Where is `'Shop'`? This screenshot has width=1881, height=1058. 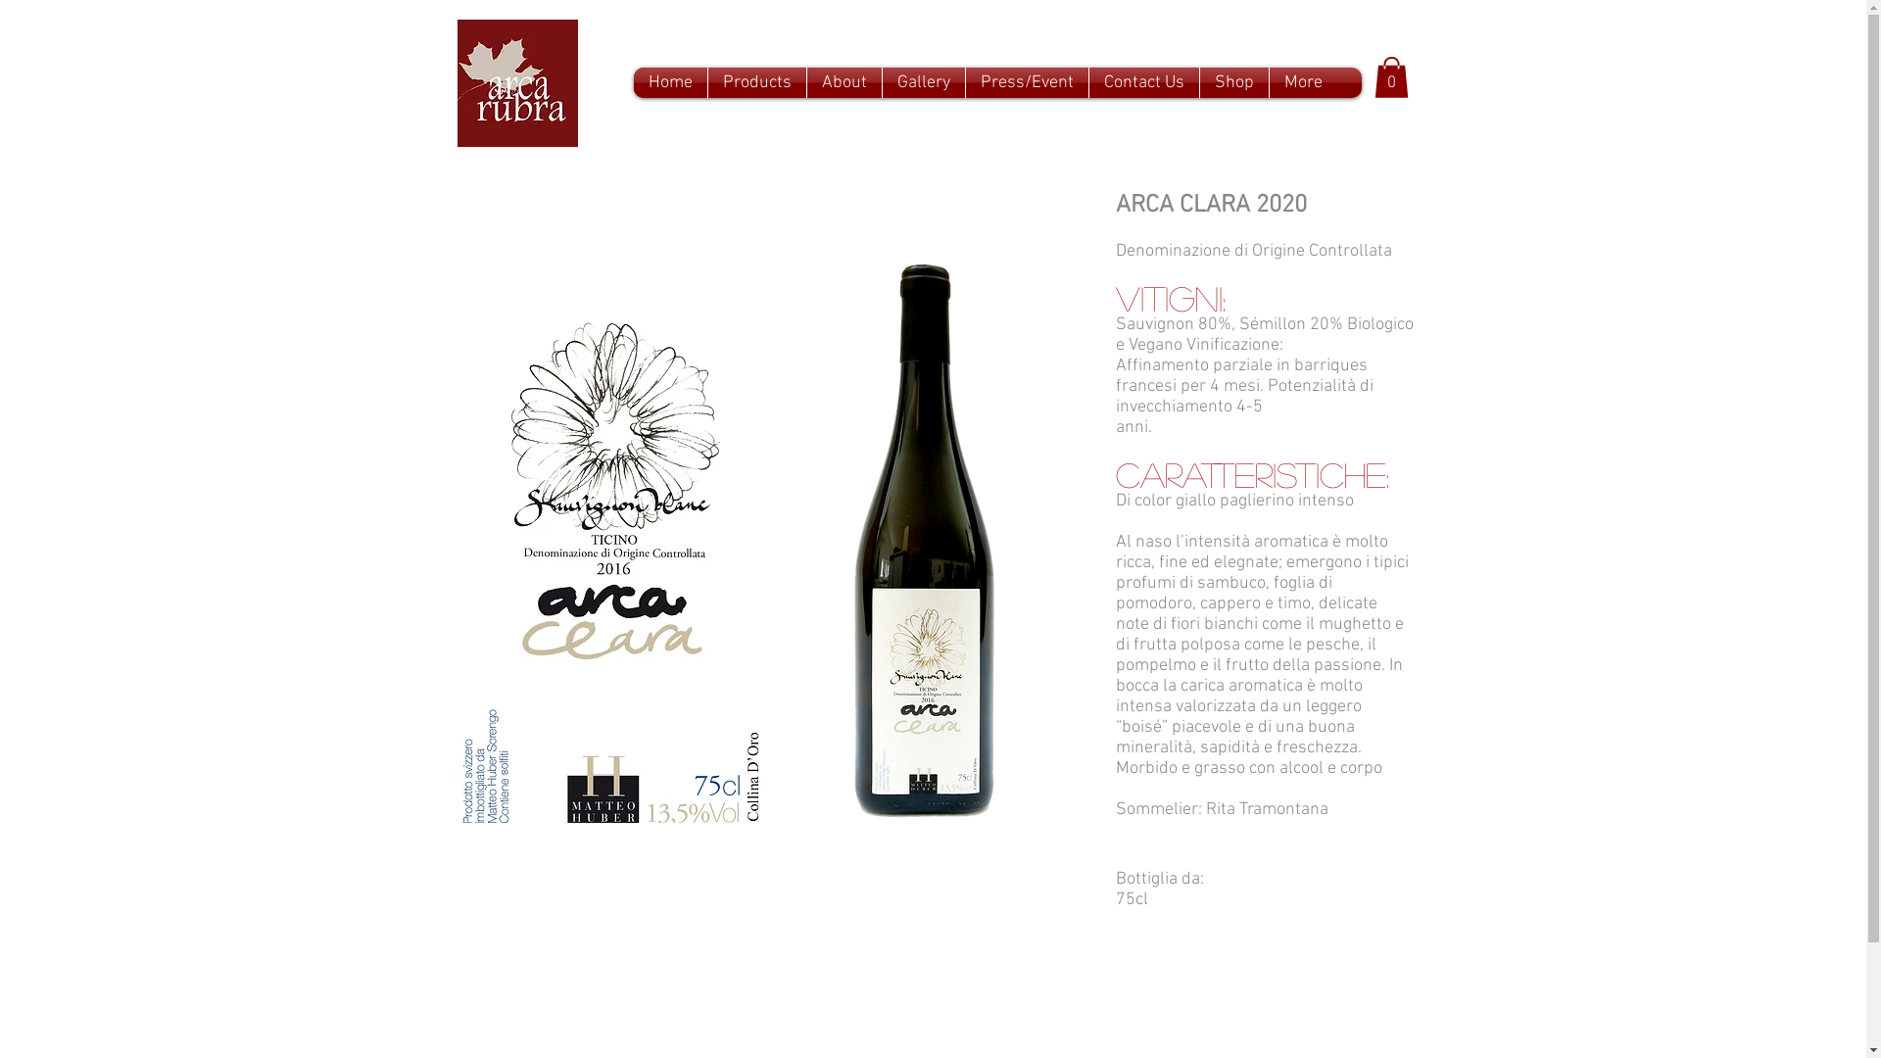 'Shop' is located at coordinates (1231, 81).